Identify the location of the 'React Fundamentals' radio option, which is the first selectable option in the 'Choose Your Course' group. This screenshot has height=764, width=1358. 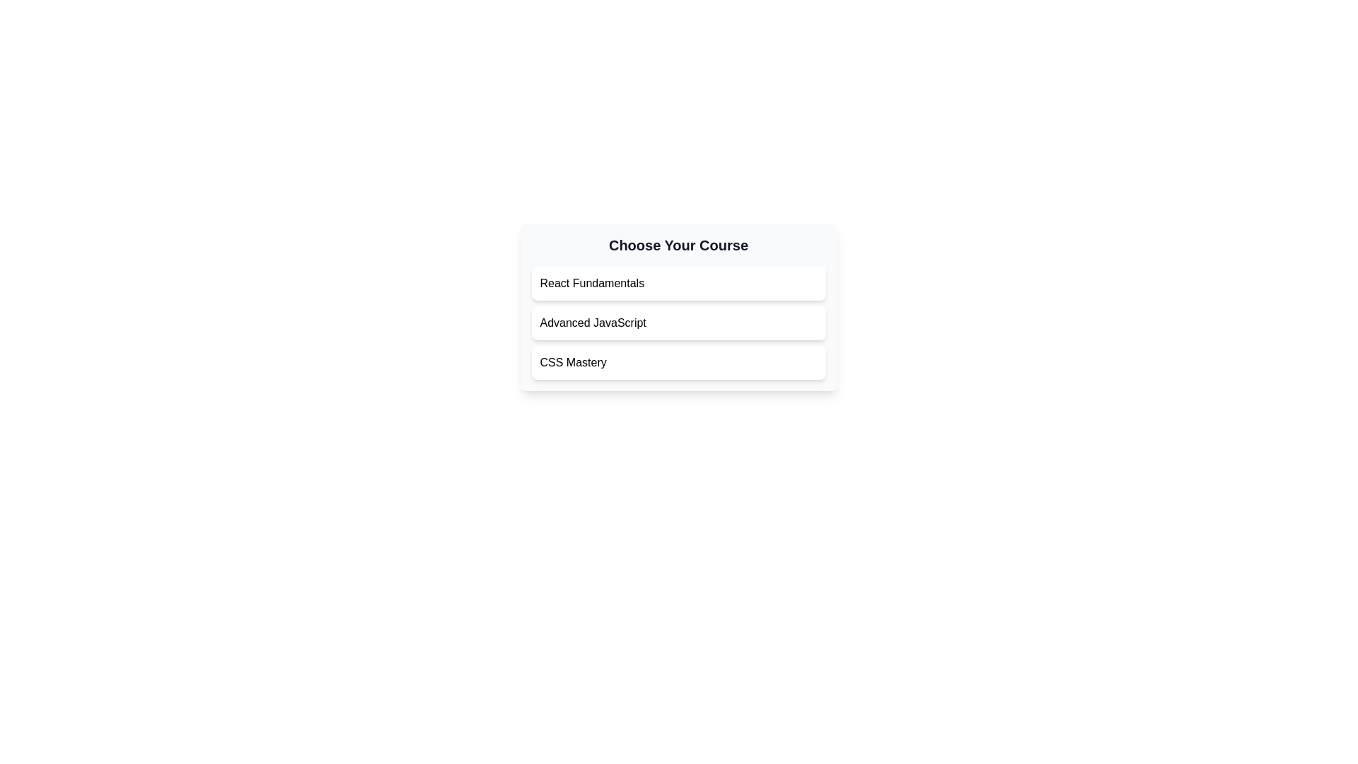
(678, 284).